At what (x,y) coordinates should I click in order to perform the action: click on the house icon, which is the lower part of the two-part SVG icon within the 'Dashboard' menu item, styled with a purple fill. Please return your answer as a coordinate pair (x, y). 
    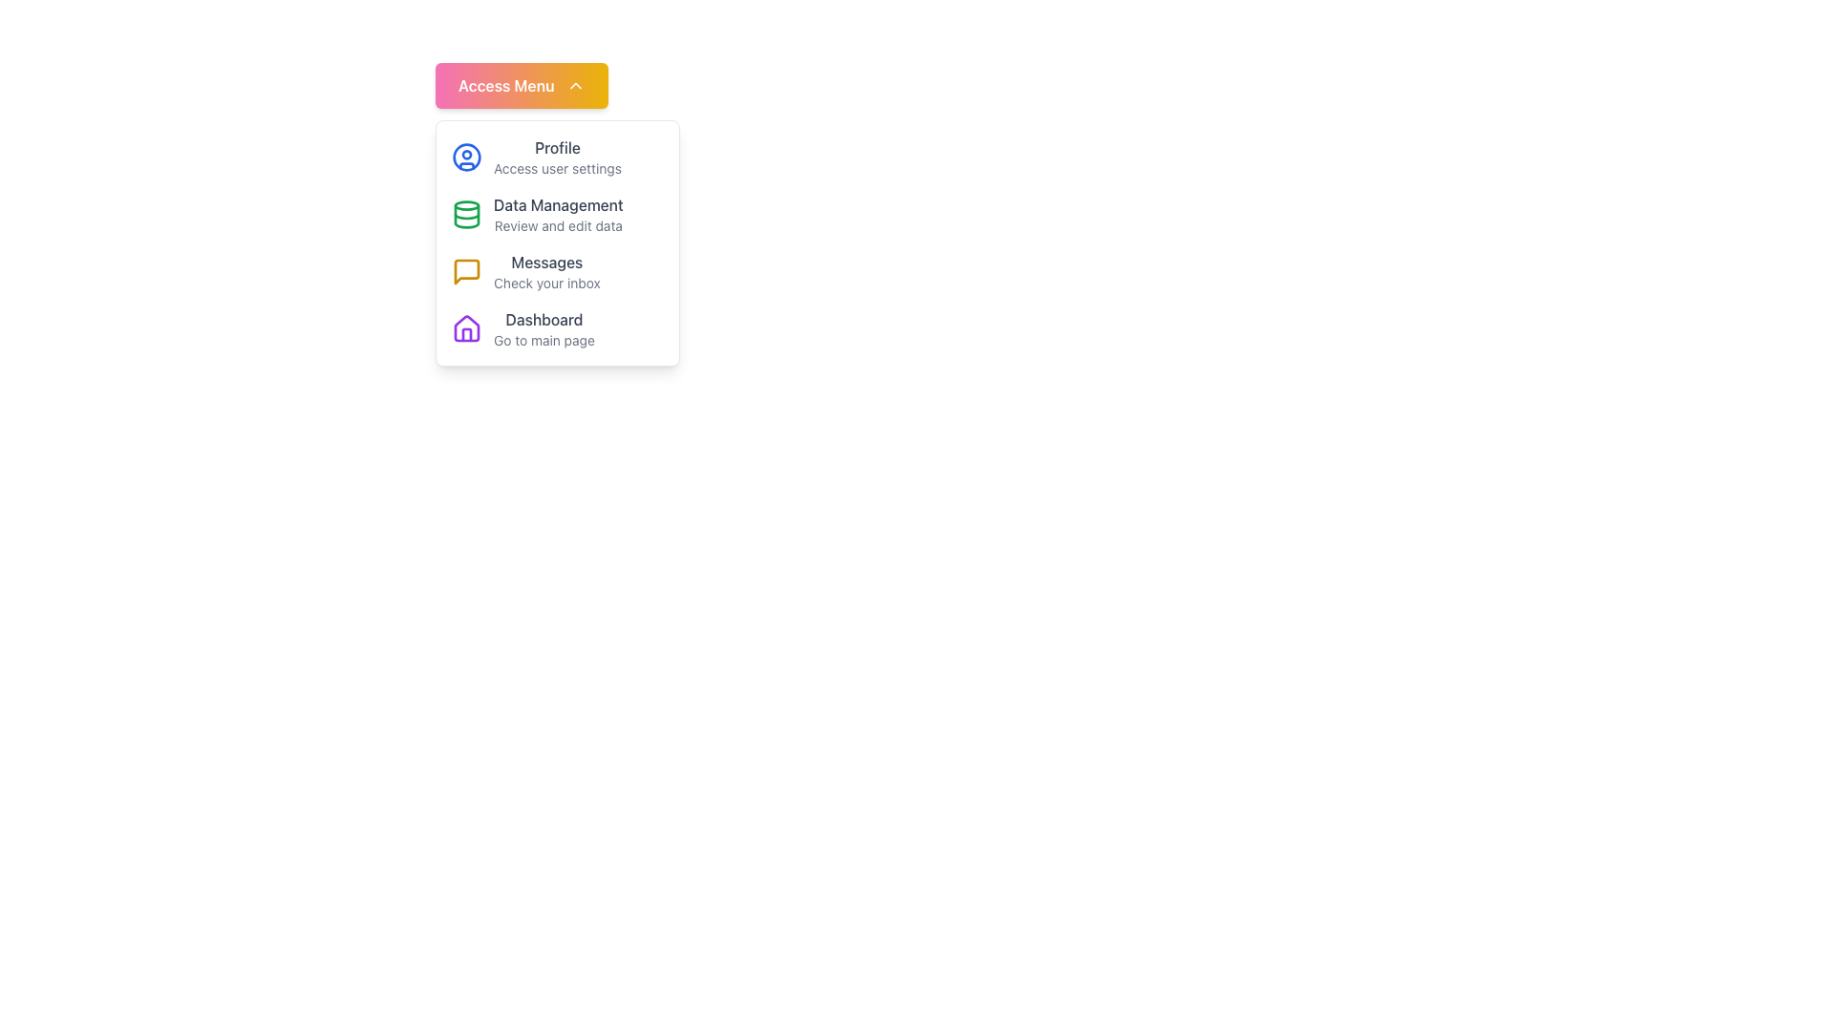
    Looking at the image, I should click on (467, 326).